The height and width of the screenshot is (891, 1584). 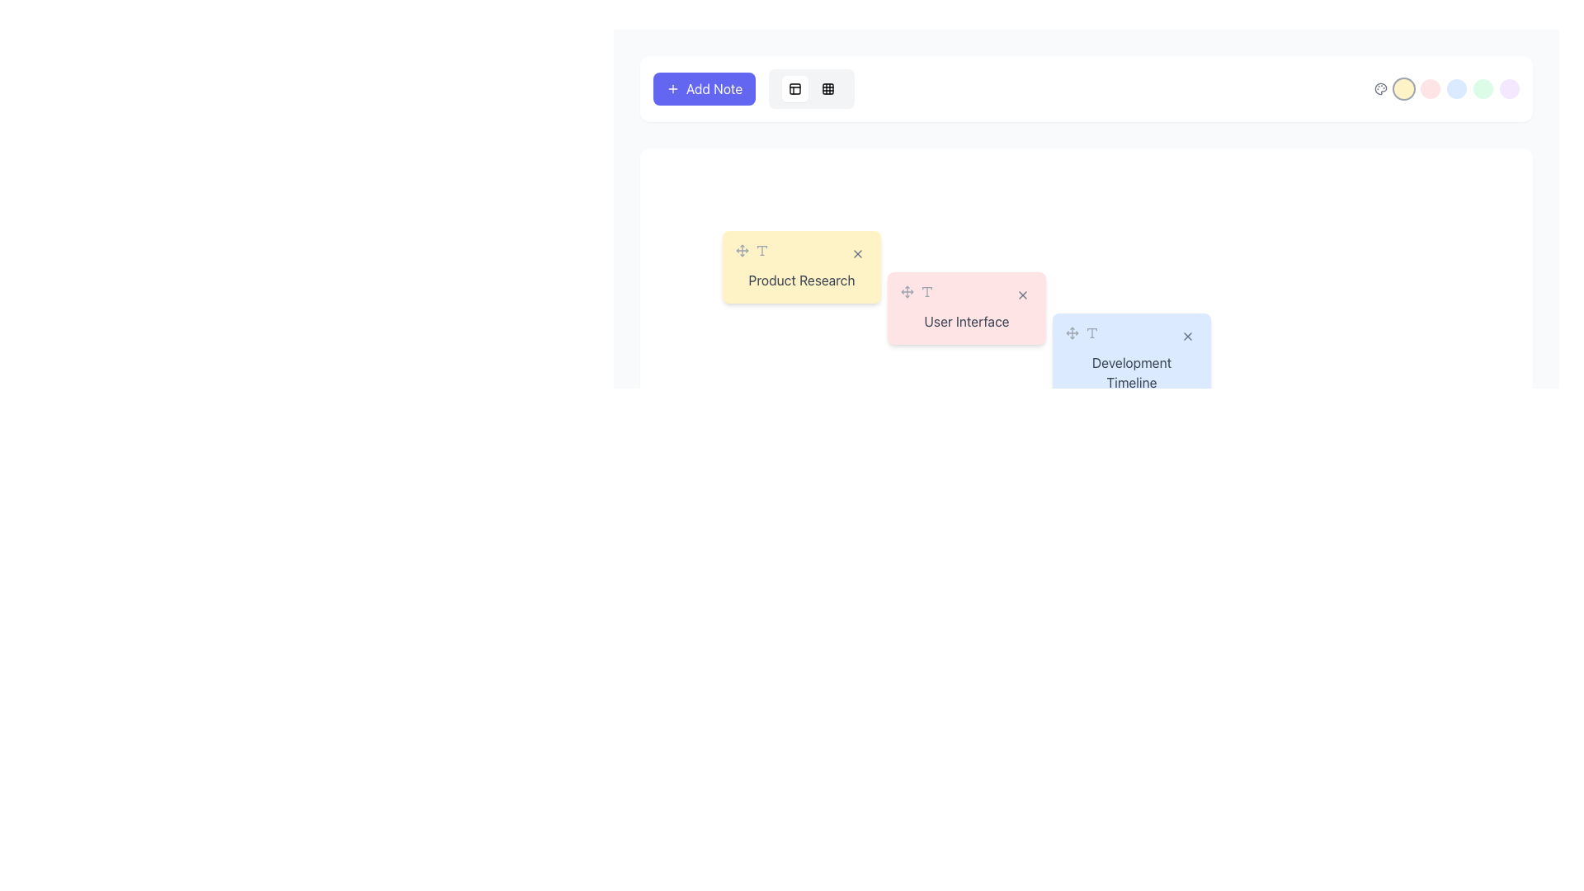 I want to click on the small grid-like icon located near the top of the interface, so click(x=795, y=89).